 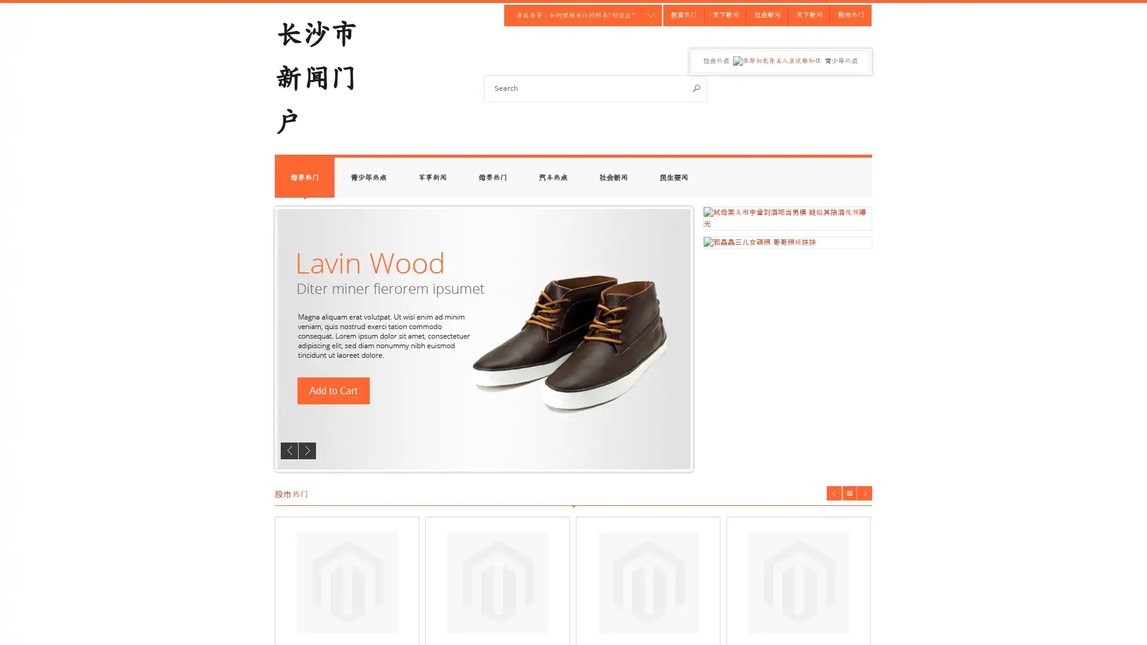 What do you see at coordinates (697, 87) in the screenshot?
I see `Search` at bounding box center [697, 87].